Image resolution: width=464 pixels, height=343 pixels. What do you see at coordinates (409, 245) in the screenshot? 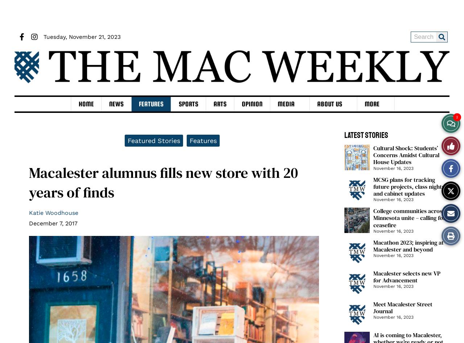
I see `'Macathon 2023; inspiring at Macalester and beyond'` at bounding box center [409, 245].